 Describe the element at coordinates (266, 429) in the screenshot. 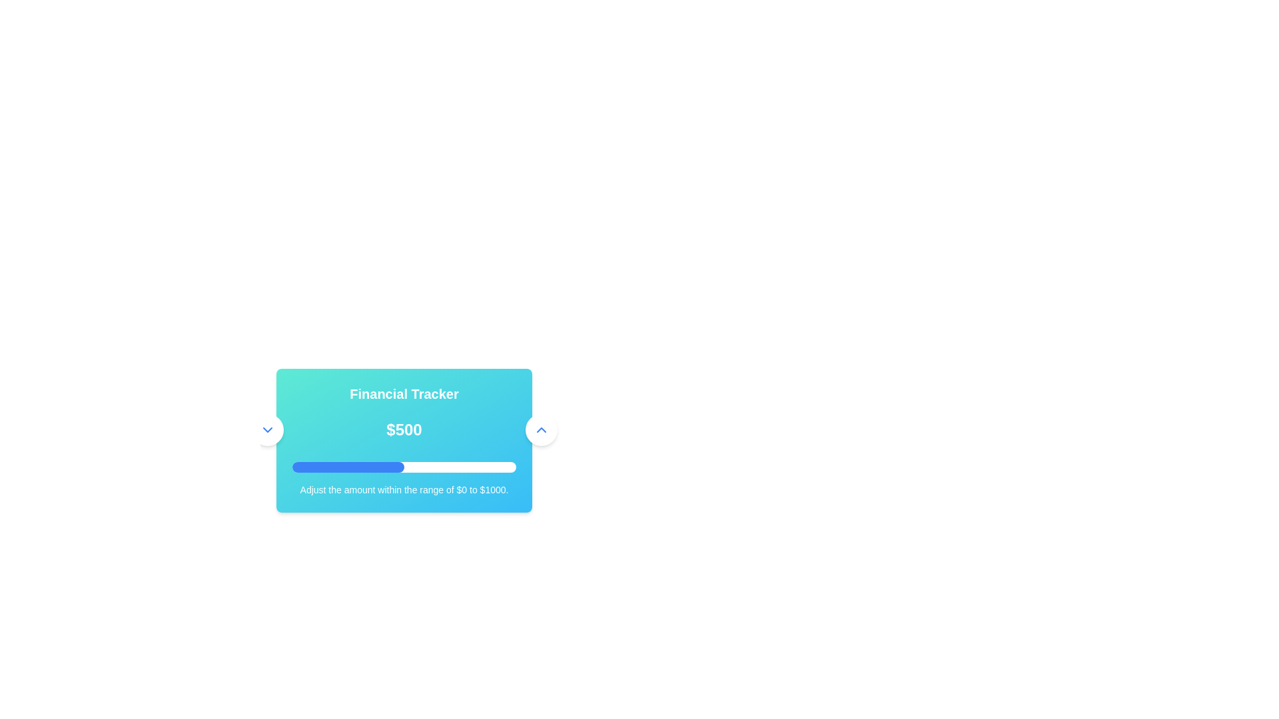

I see `the decrement button located on the left side of the Financial Tracker panel` at that location.